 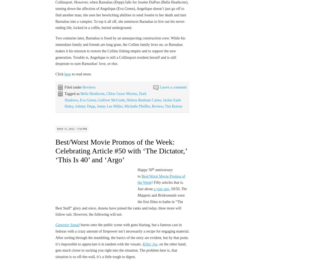 What do you see at coordinates (173, 87) in the screenshot?
I see `'Leave a comment'` at bounding box center [173, 87].